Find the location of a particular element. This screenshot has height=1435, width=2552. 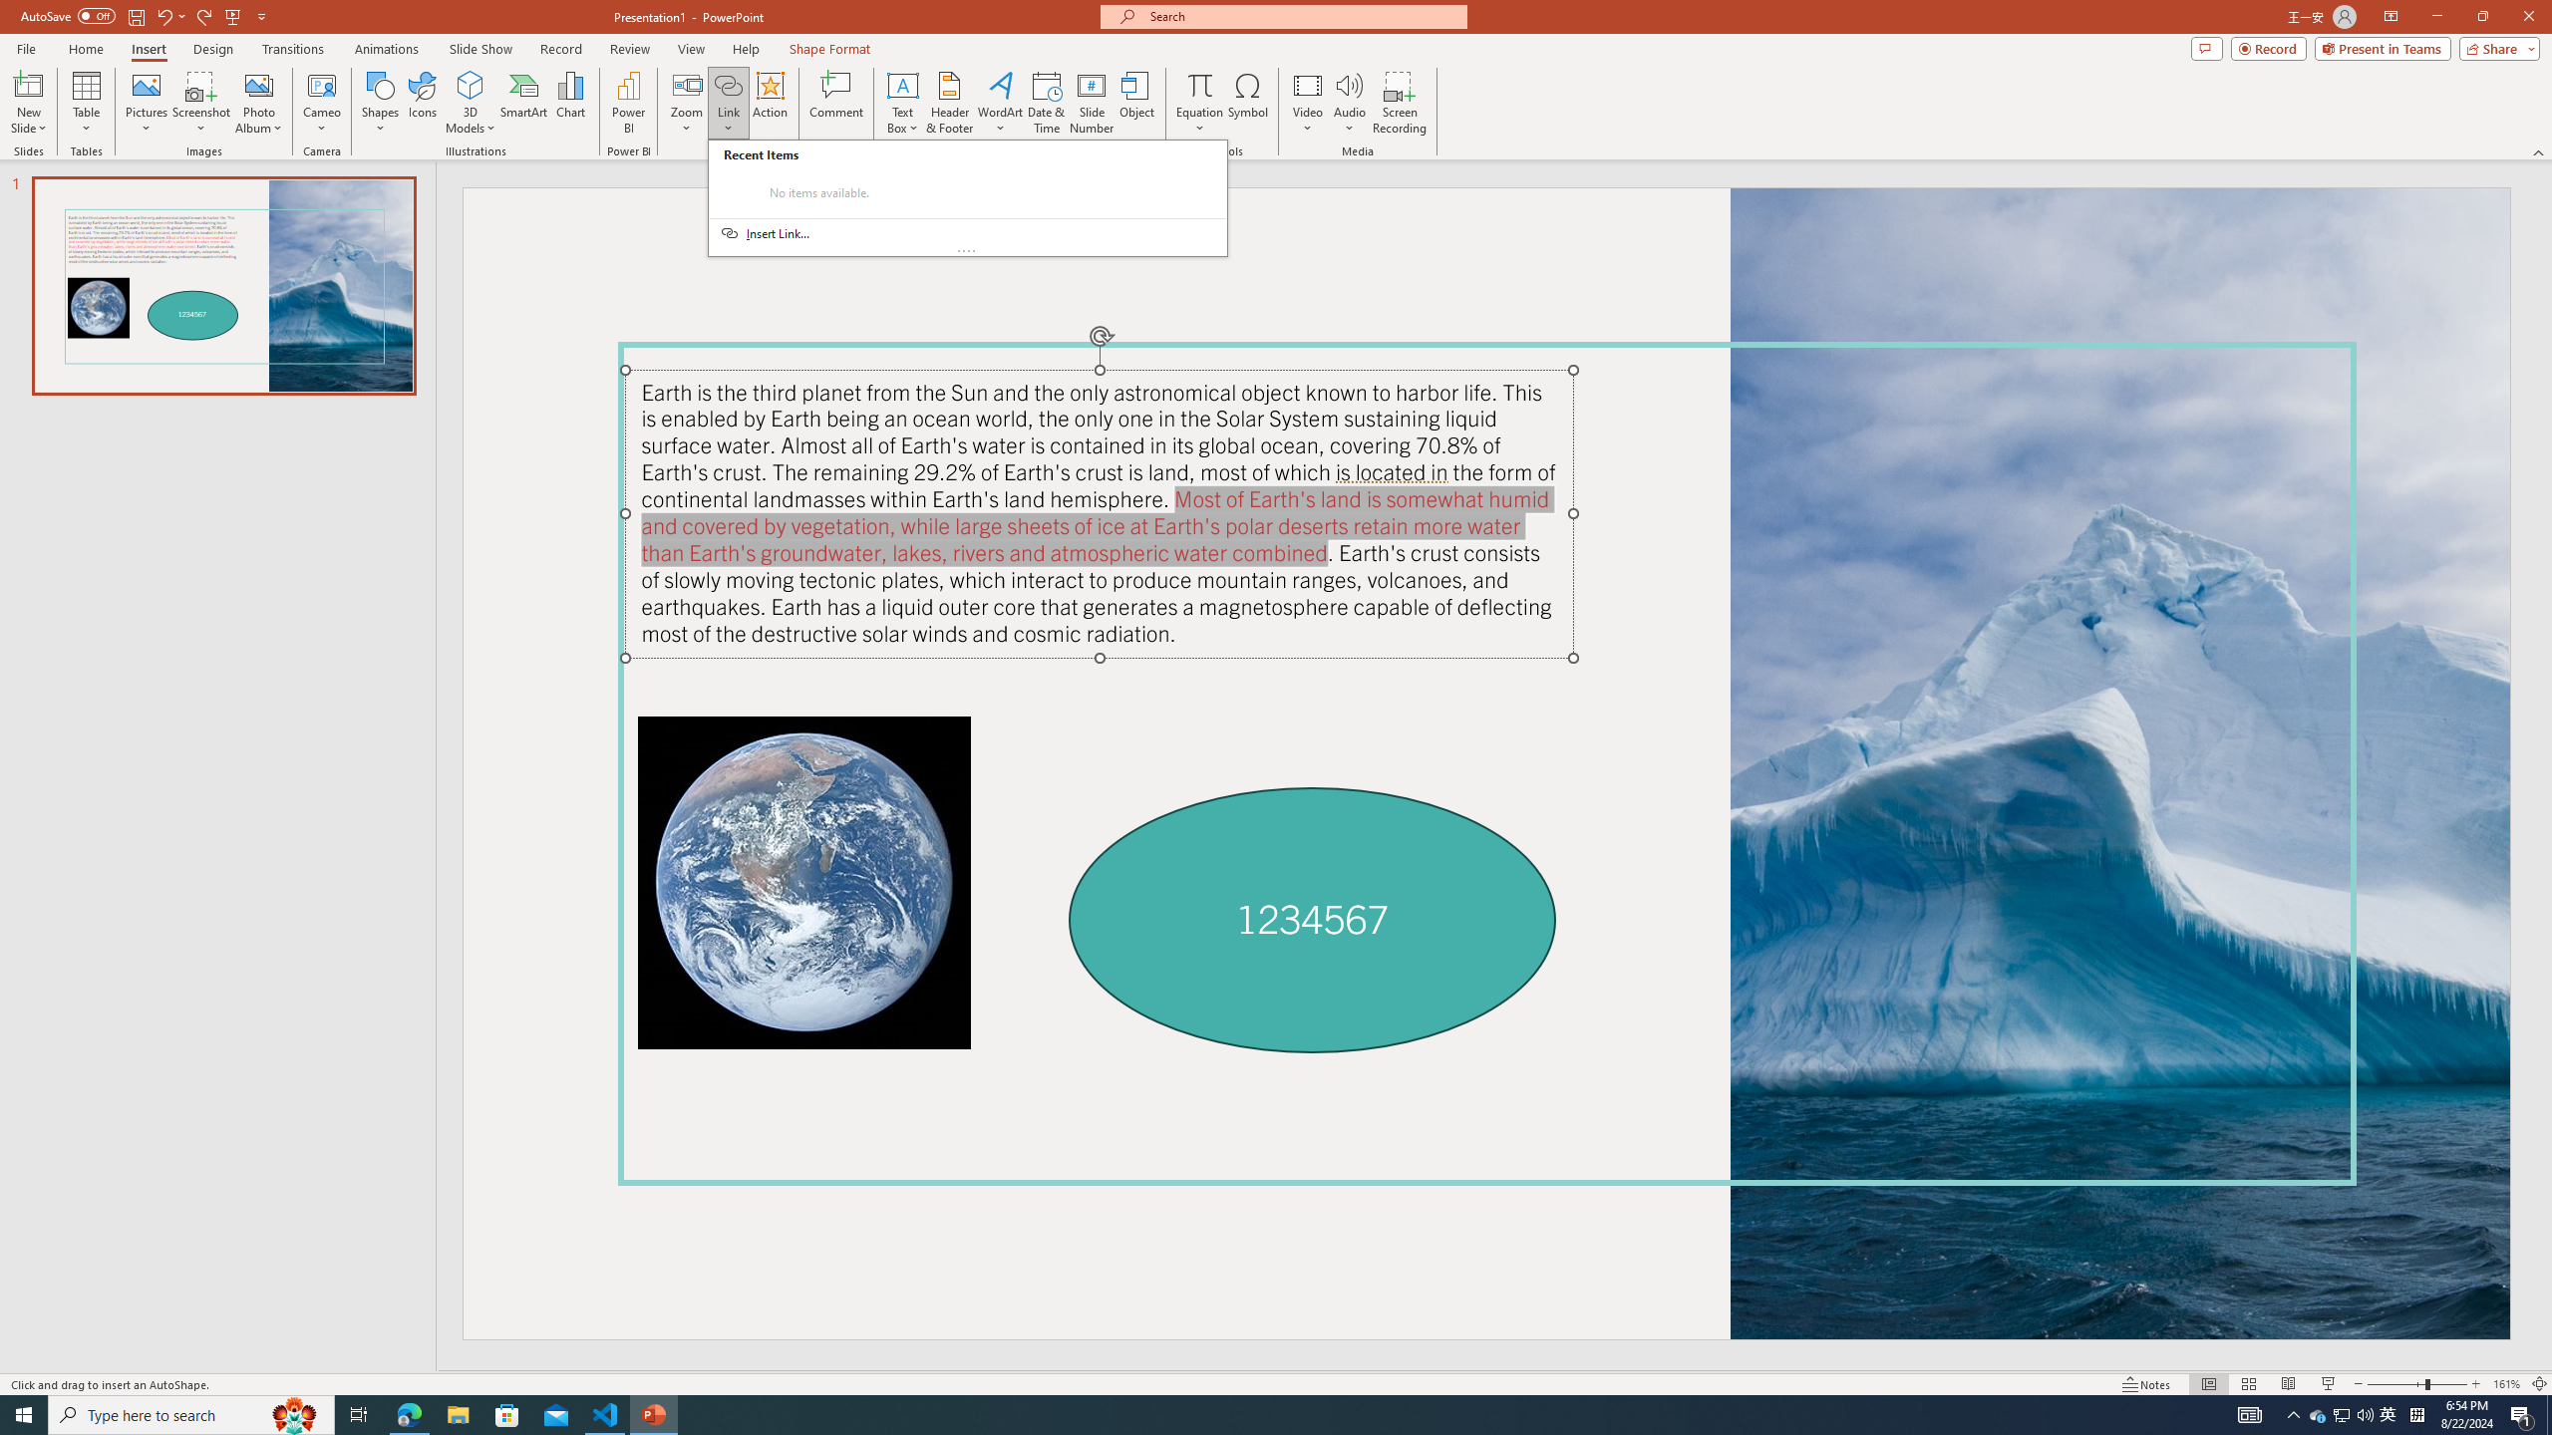

'3D Models' is located at coordinates (471, 84).